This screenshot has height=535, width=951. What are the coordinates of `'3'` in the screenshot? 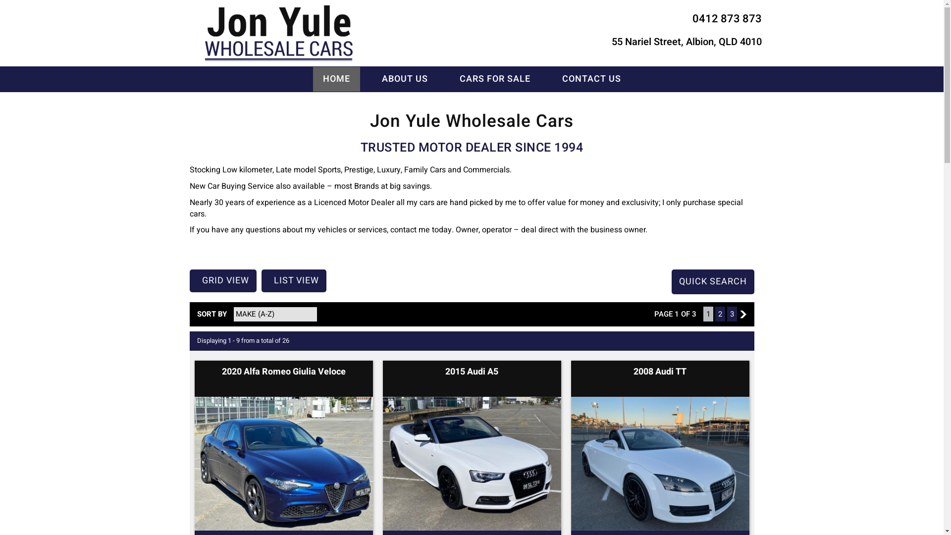 It's located at (732, 314).